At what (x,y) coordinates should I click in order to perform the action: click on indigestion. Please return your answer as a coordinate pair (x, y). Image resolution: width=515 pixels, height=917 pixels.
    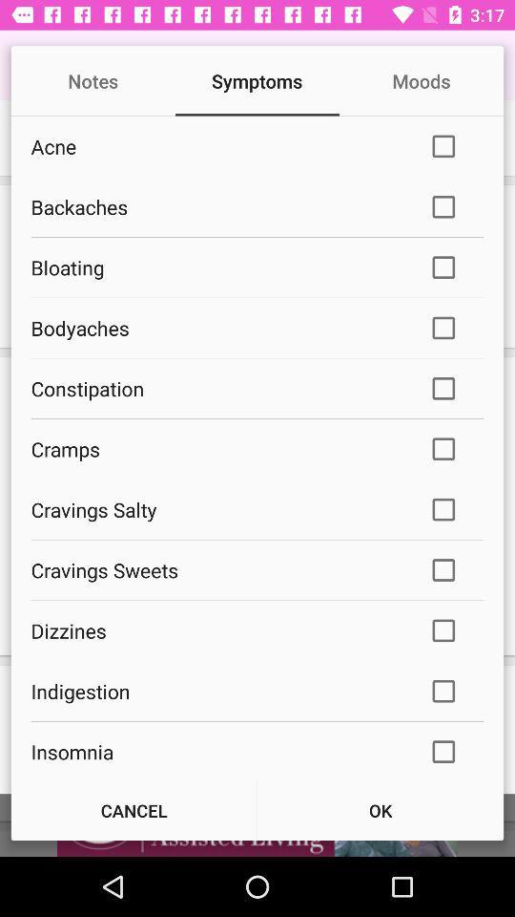
    Looking at the image, I should click on (216, 690).